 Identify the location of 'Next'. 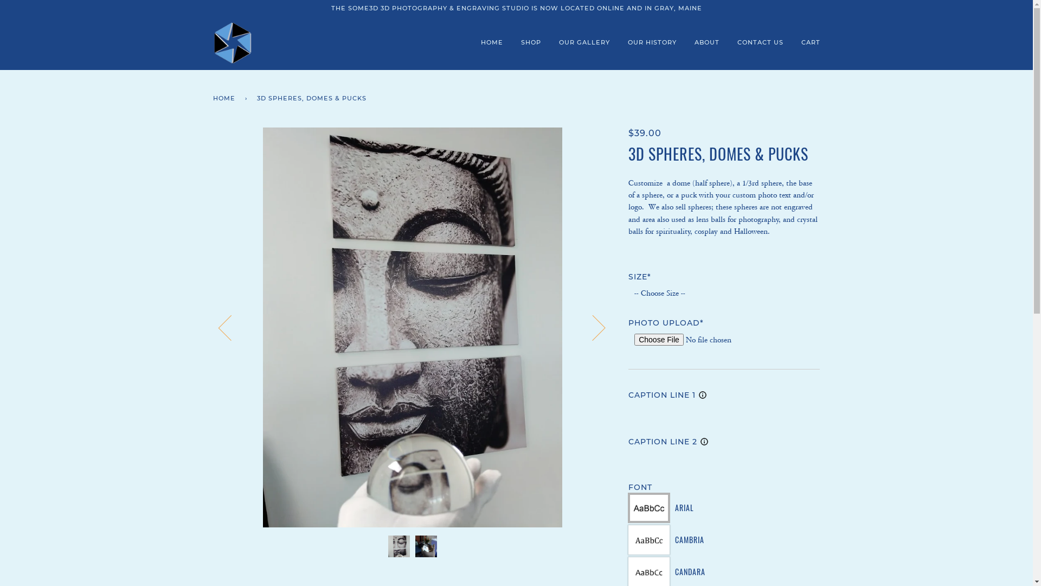
(592, 326).